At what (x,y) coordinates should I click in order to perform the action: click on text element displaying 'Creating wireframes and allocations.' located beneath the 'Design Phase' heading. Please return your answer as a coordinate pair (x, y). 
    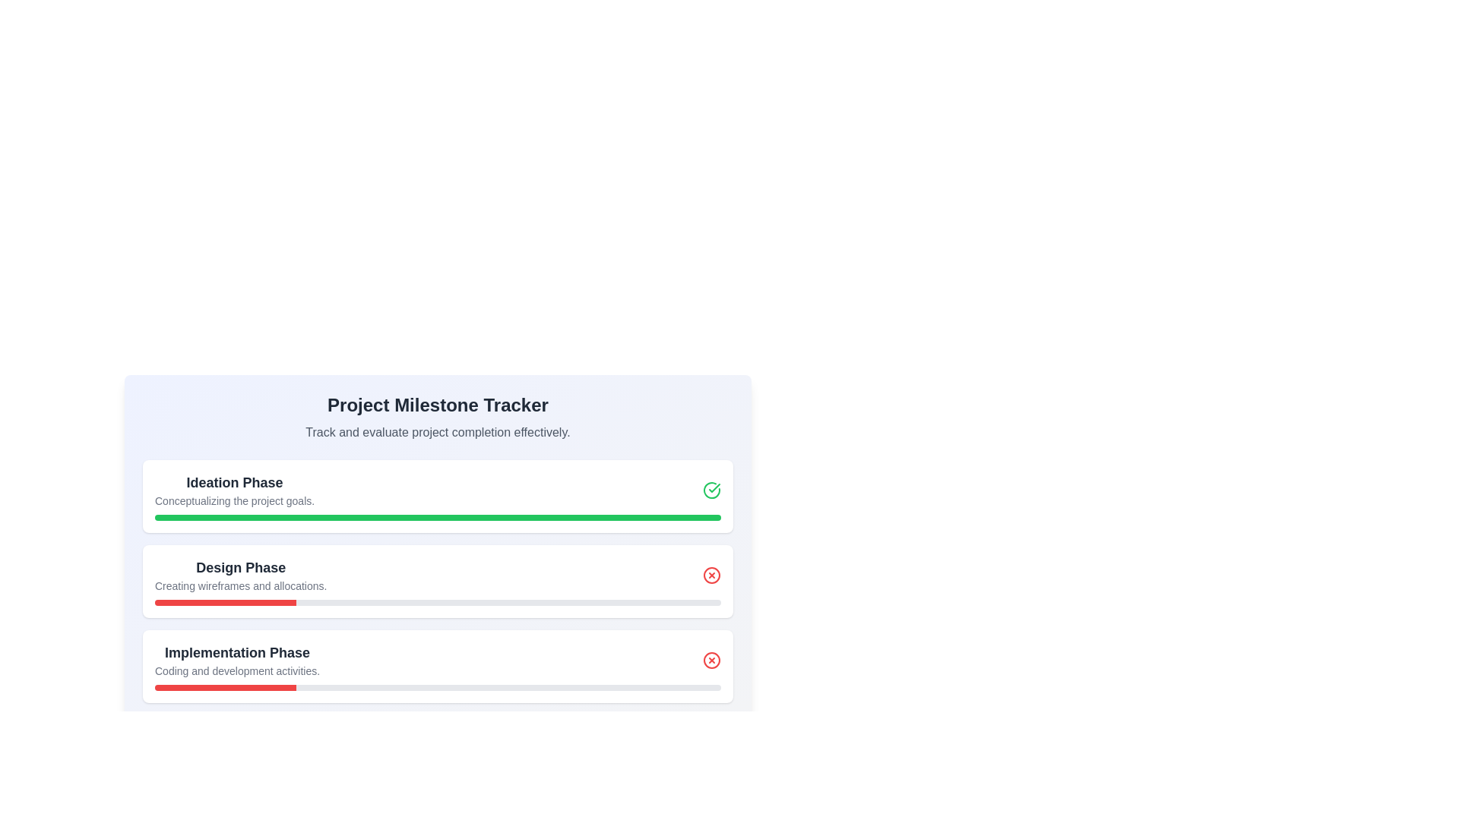
    Looking at the image, I should click on (240, 585).